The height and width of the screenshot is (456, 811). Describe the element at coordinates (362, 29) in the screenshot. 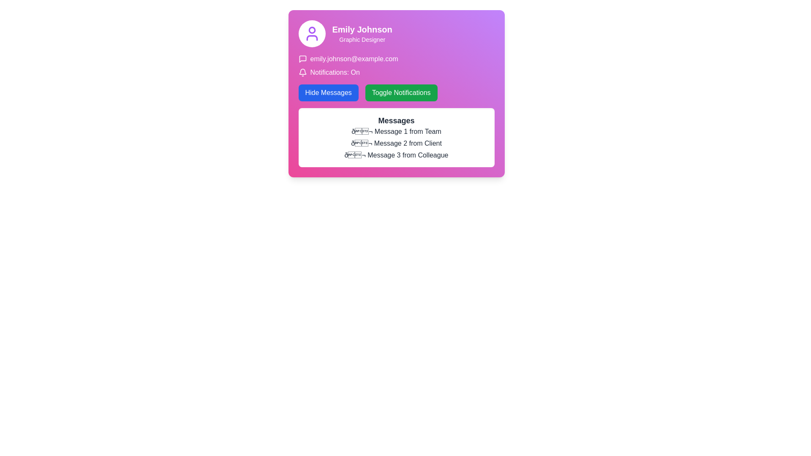

I see `the header displaying 'Emily Johnson', which is the primary identifier for the user information, positioned above the text 'Graphic Designer' and aligned next to a user profile icon` at that location.